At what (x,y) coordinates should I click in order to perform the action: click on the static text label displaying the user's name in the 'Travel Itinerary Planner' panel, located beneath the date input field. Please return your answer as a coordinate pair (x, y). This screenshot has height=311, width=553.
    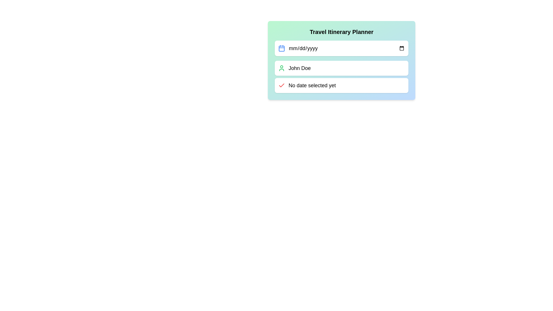
    Looking at the image, I should click on (300, 68).